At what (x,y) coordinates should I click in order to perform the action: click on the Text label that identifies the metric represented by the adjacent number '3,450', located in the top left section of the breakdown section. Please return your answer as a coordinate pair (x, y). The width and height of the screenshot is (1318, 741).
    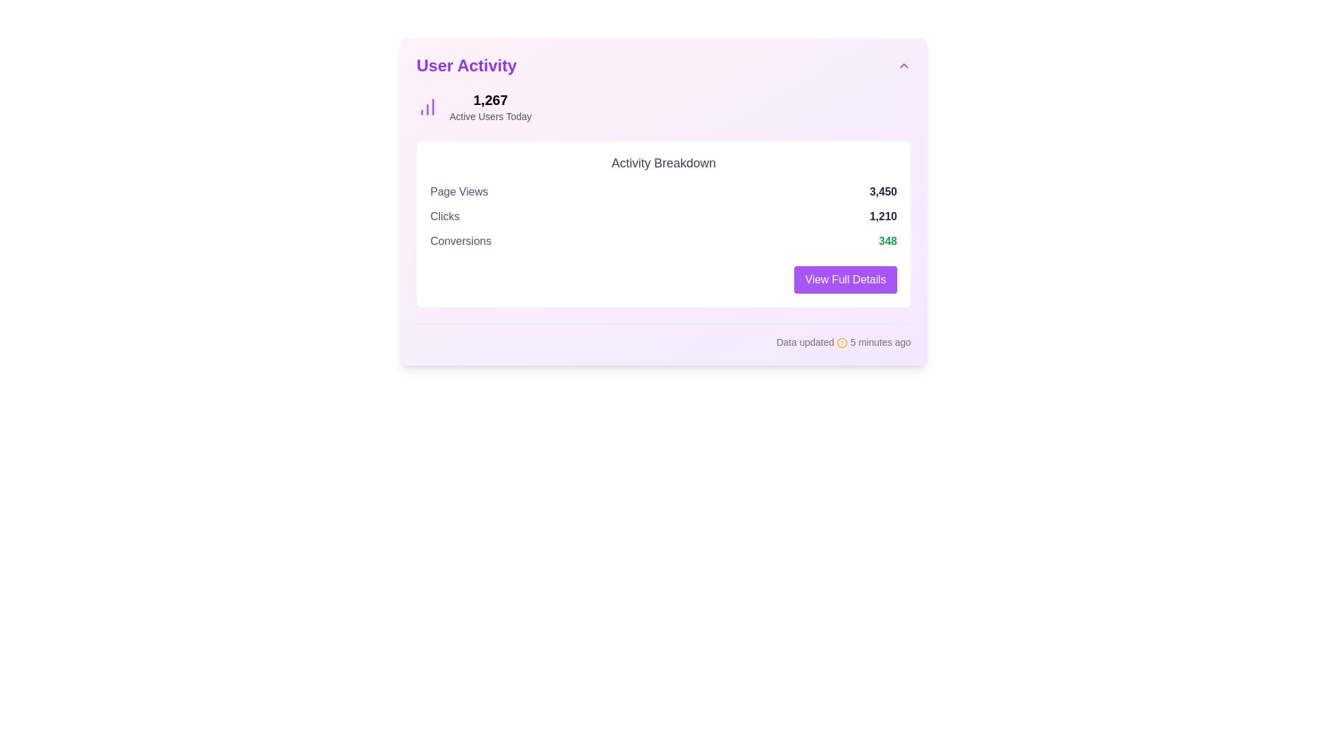
    Looking at the image, I should click on (459, 192).